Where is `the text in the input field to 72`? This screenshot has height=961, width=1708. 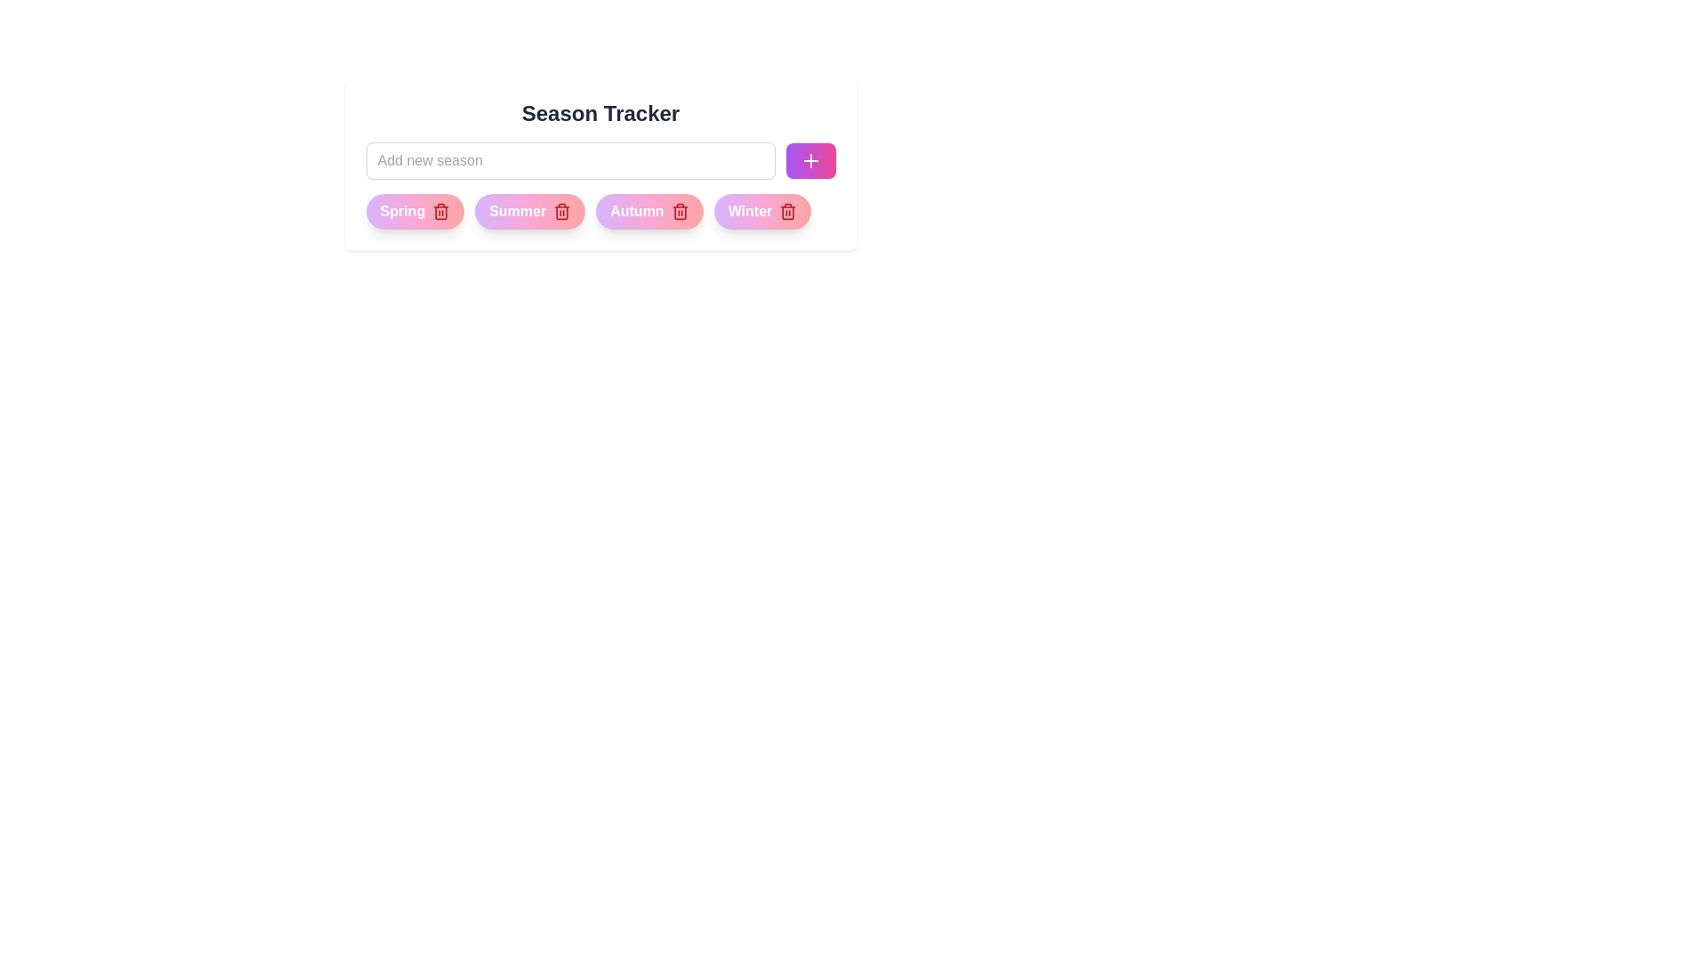
the text in the input field to 72 is located at coordinates (570, 161).